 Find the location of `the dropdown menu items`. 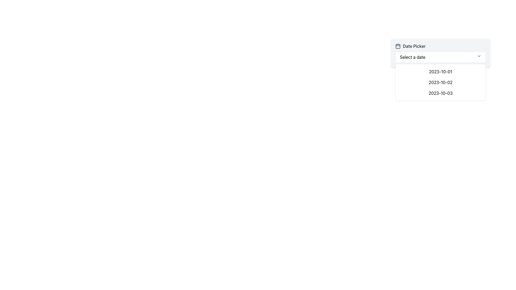

the dropdown menu items is located at coordinates (440, 82).